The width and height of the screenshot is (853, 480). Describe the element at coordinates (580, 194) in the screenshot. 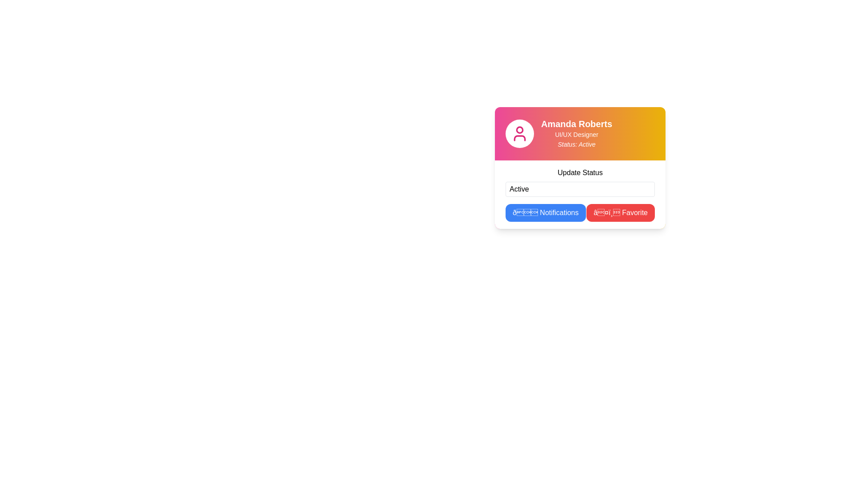

I see `the text in the status input field of the composite component located below the title 'Amanda Roberts'` at that location.